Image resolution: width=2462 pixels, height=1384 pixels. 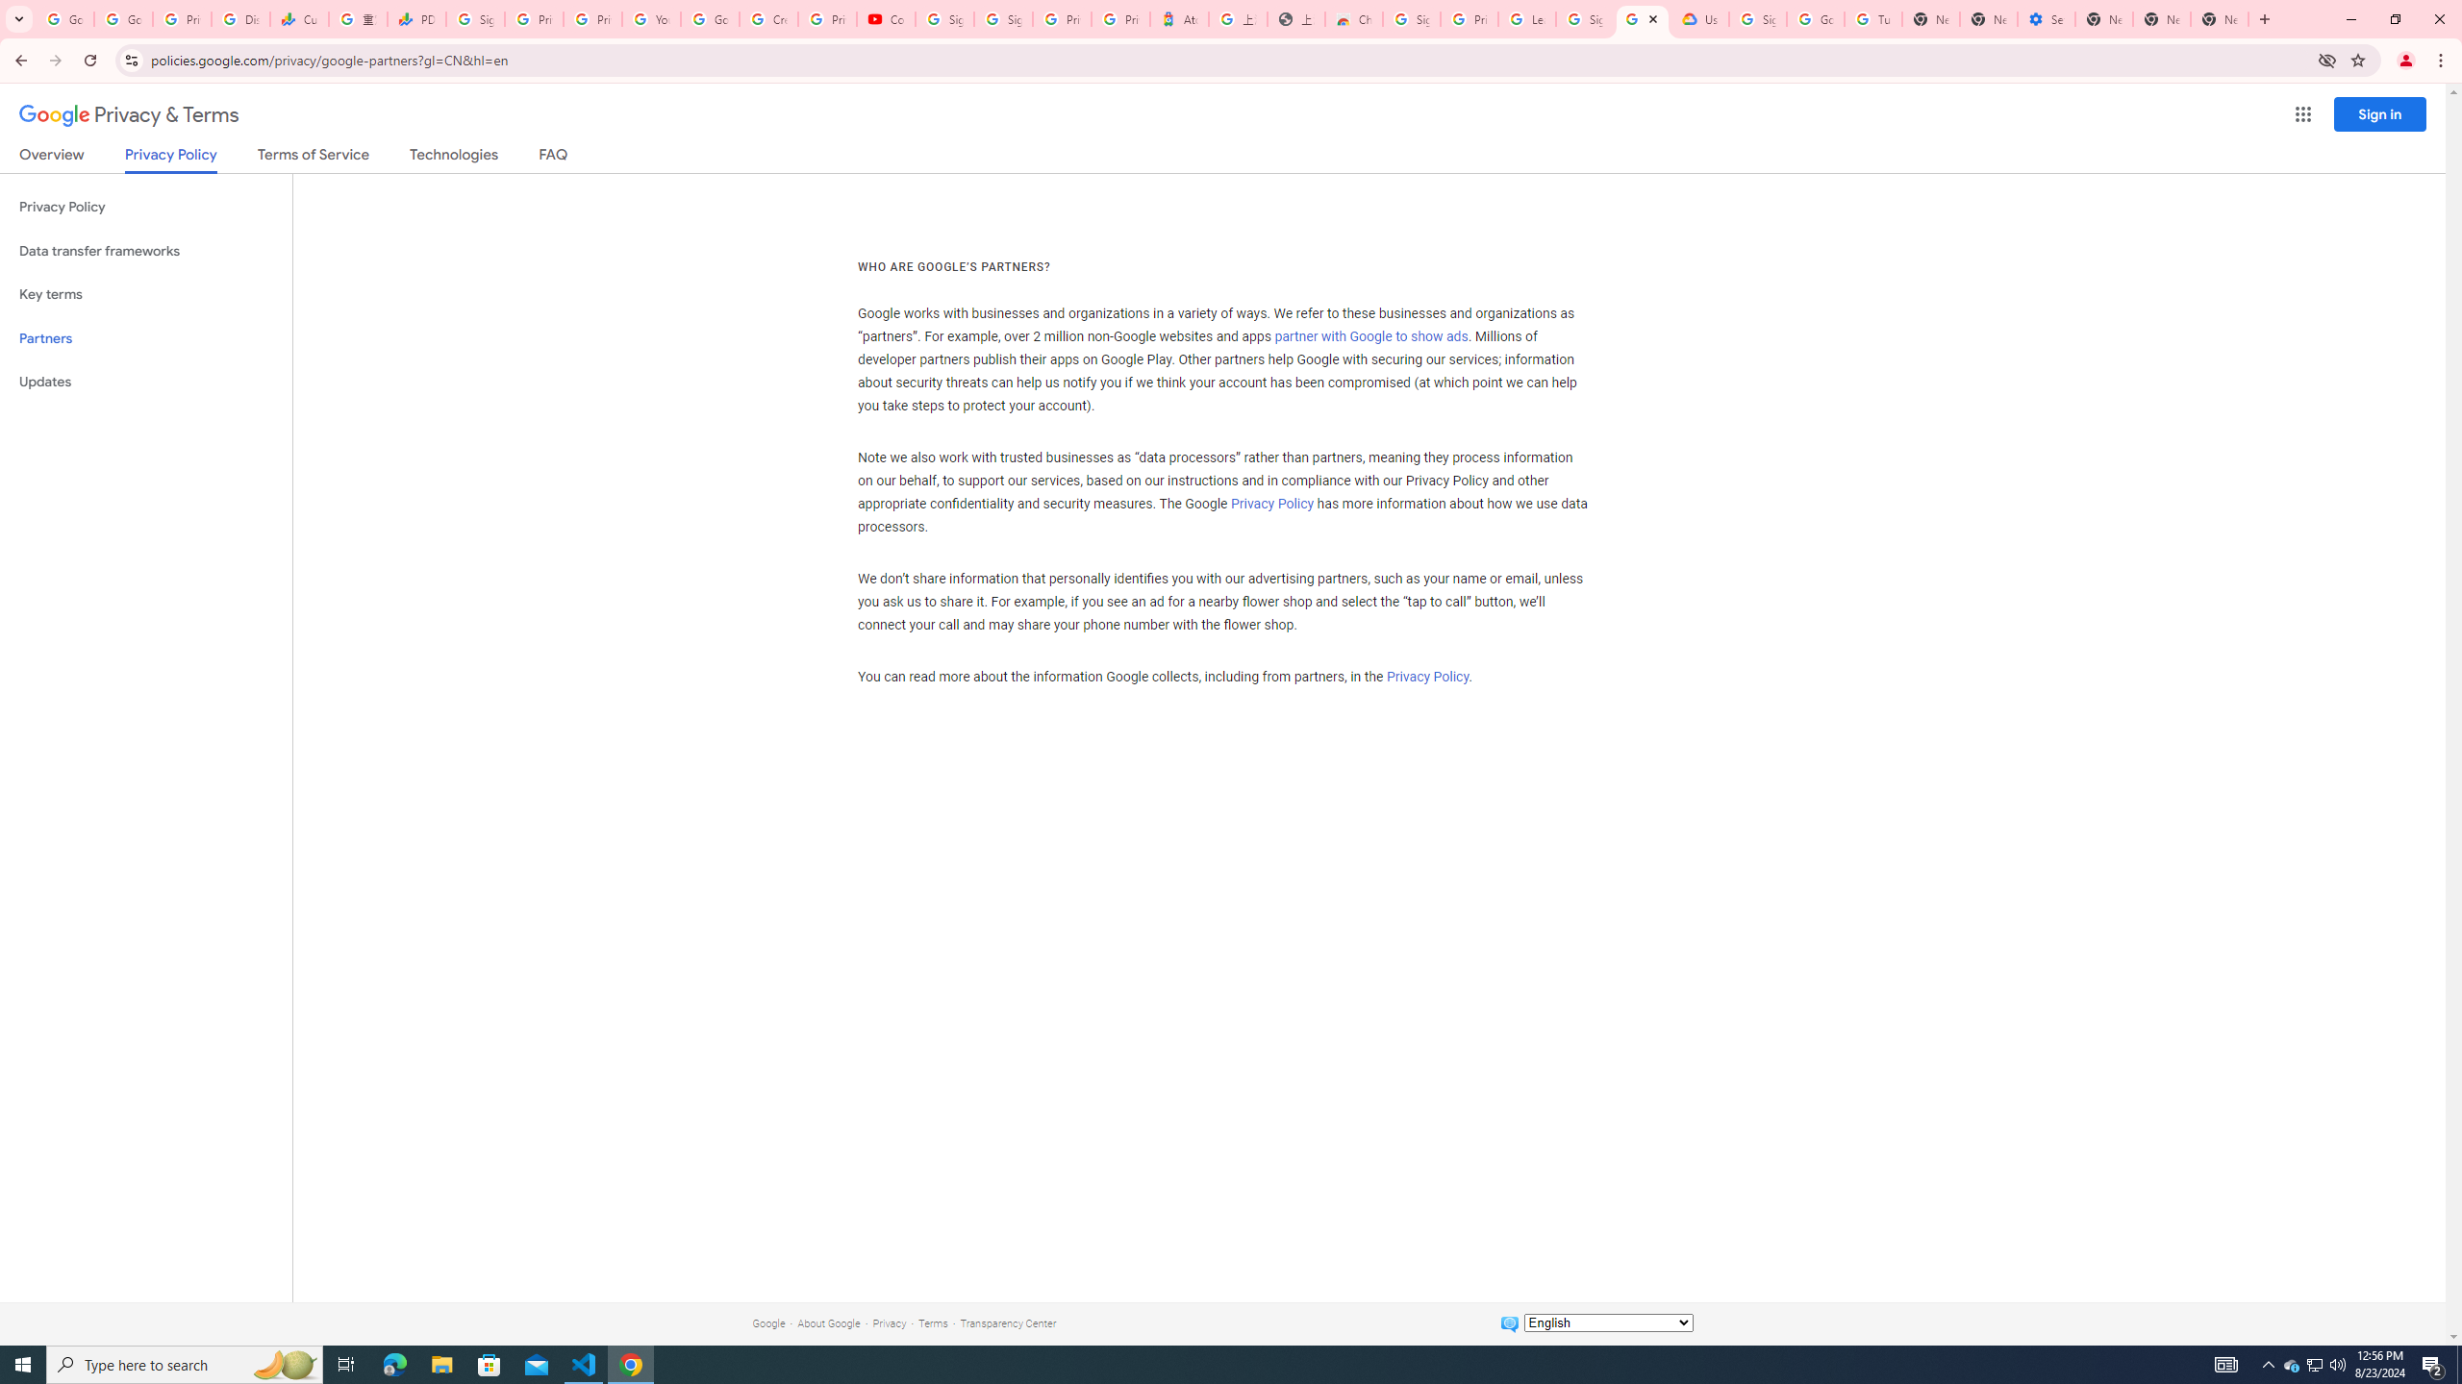 What do you see at coordinates (828, 1322) in the screenshot?
I see `'About Google'` at bounding box center [828, 1322].